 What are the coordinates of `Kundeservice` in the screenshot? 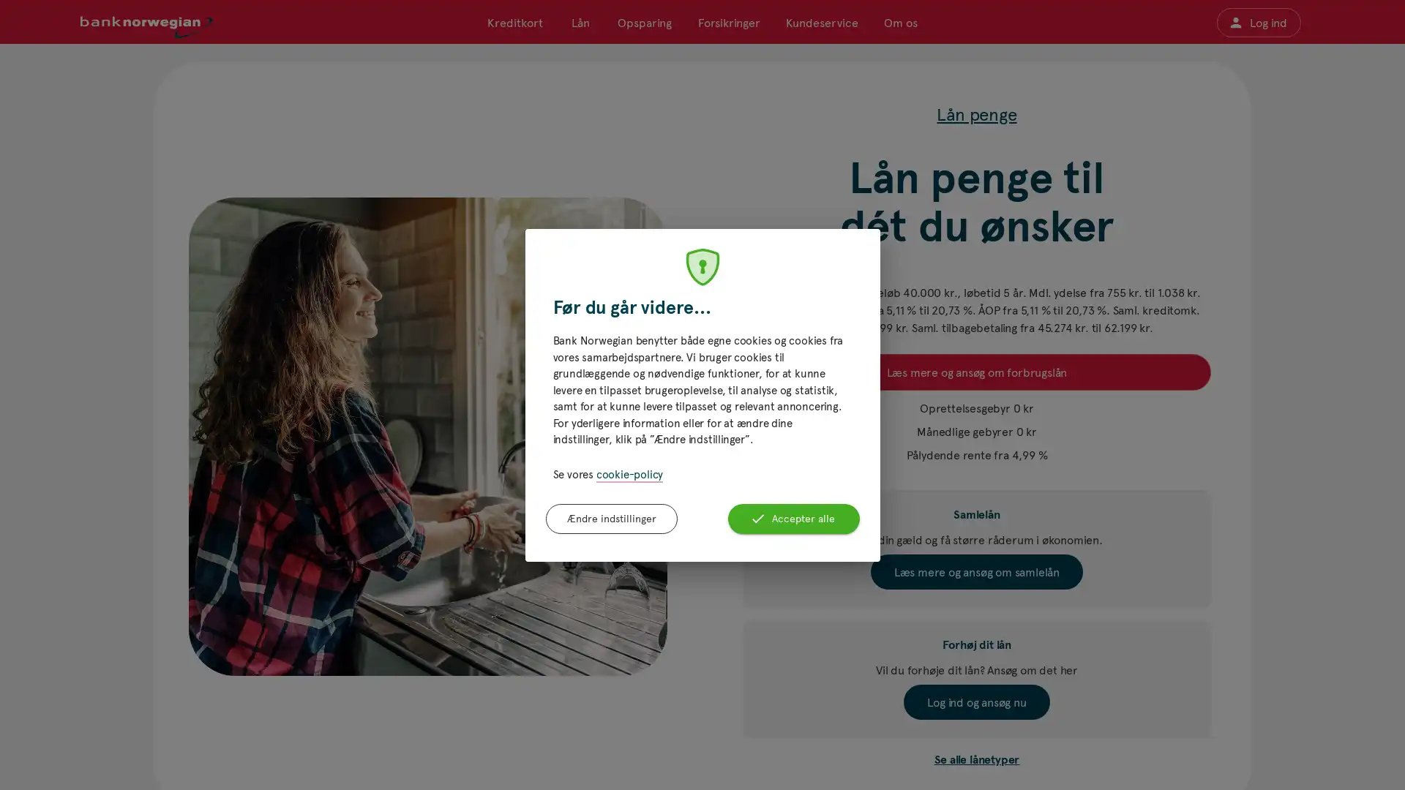 It's located at (821, 22).